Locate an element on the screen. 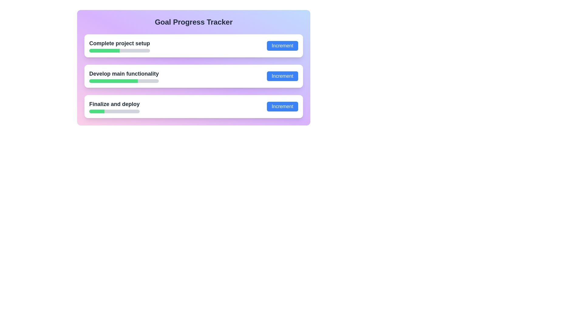  the progress indicator labeled 'Finalize and deploy' that shows 30% completion in a green progress bar is located at coordinates (114, 106).